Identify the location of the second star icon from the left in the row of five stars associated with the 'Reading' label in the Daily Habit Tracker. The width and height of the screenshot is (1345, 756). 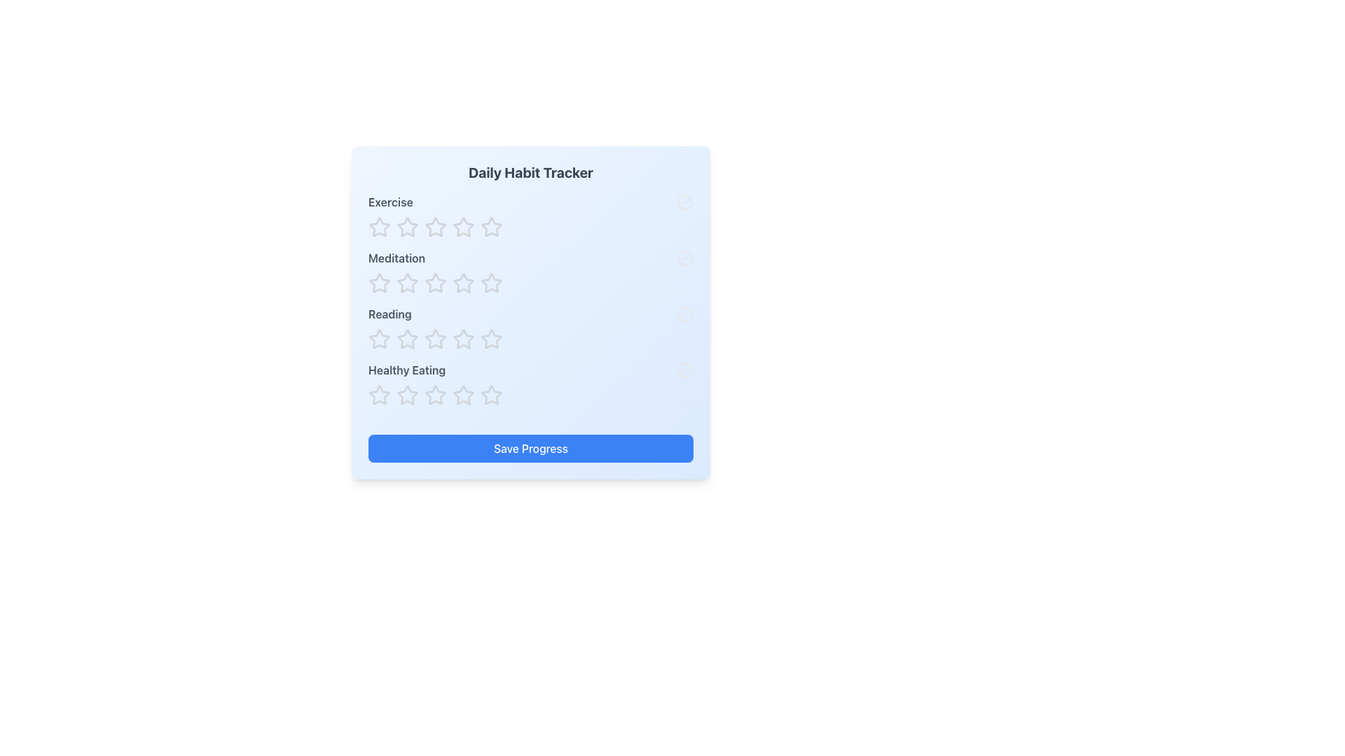
(463, 338).